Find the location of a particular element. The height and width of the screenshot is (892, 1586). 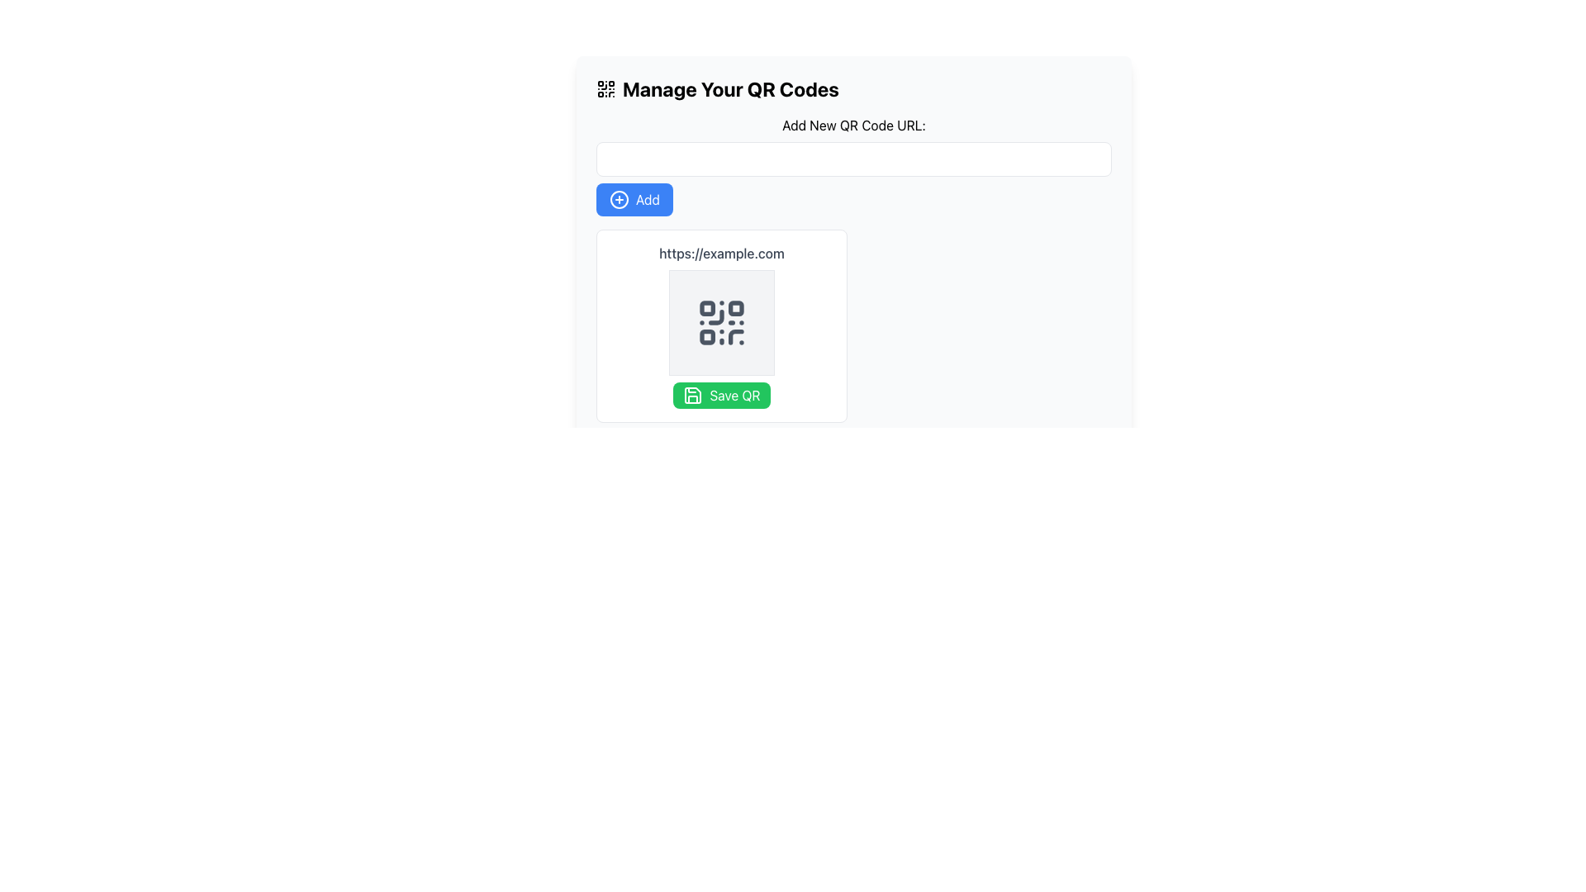

the decorative block within the QR code located in the lower-left quadrant, which is part of the QR code graphic is located at coordinates (707, 336).